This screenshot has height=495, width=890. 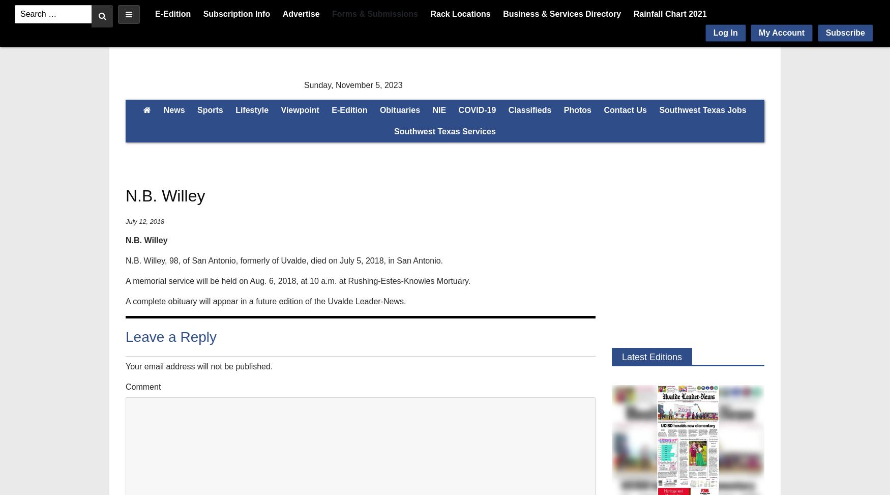 I want to click on 'Sunday, November 5, 2023', so click(x=353, y=85).